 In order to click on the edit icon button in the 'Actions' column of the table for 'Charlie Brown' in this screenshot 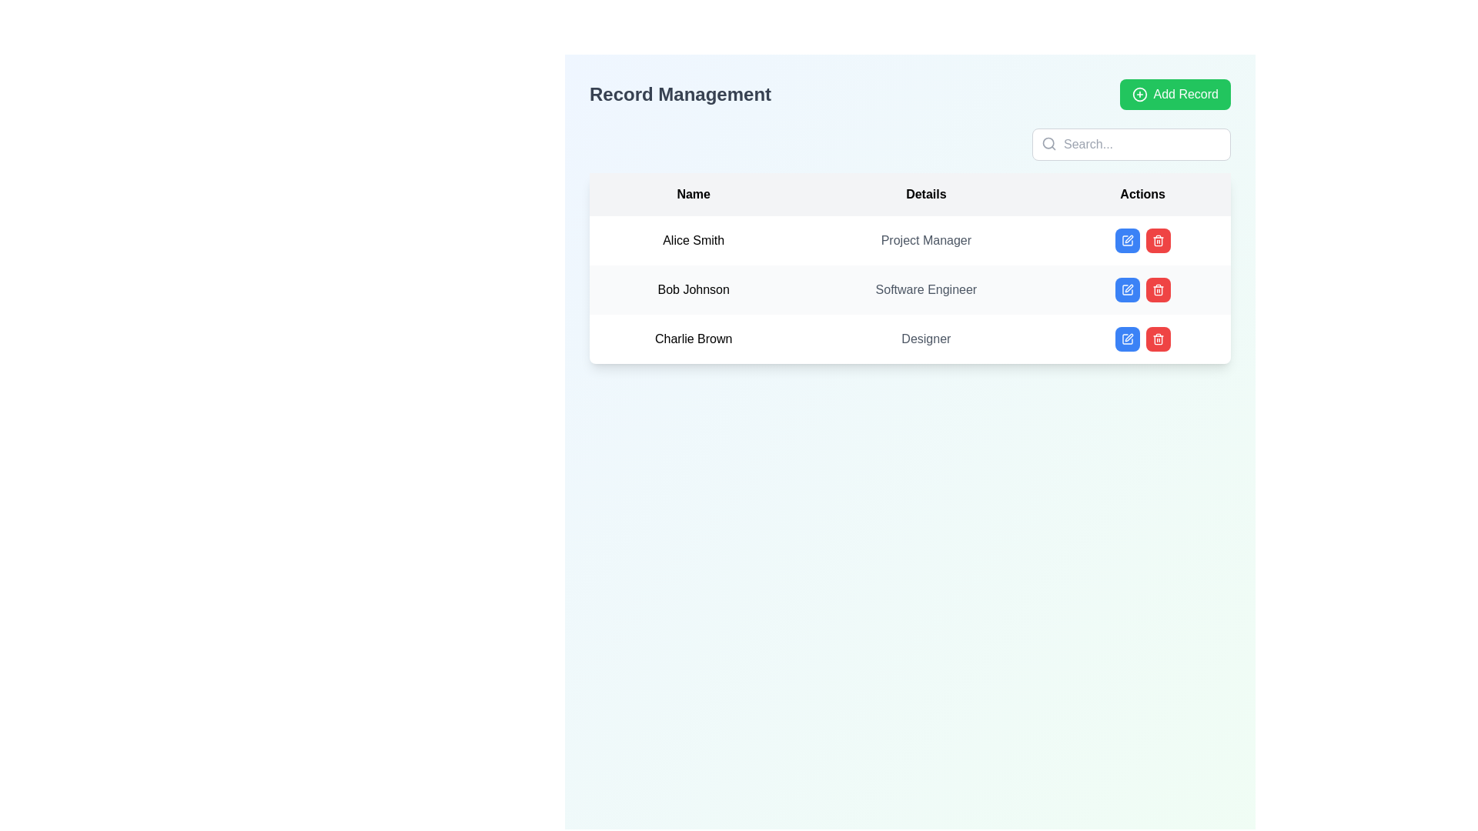, I will do `click(1127, 338)`.